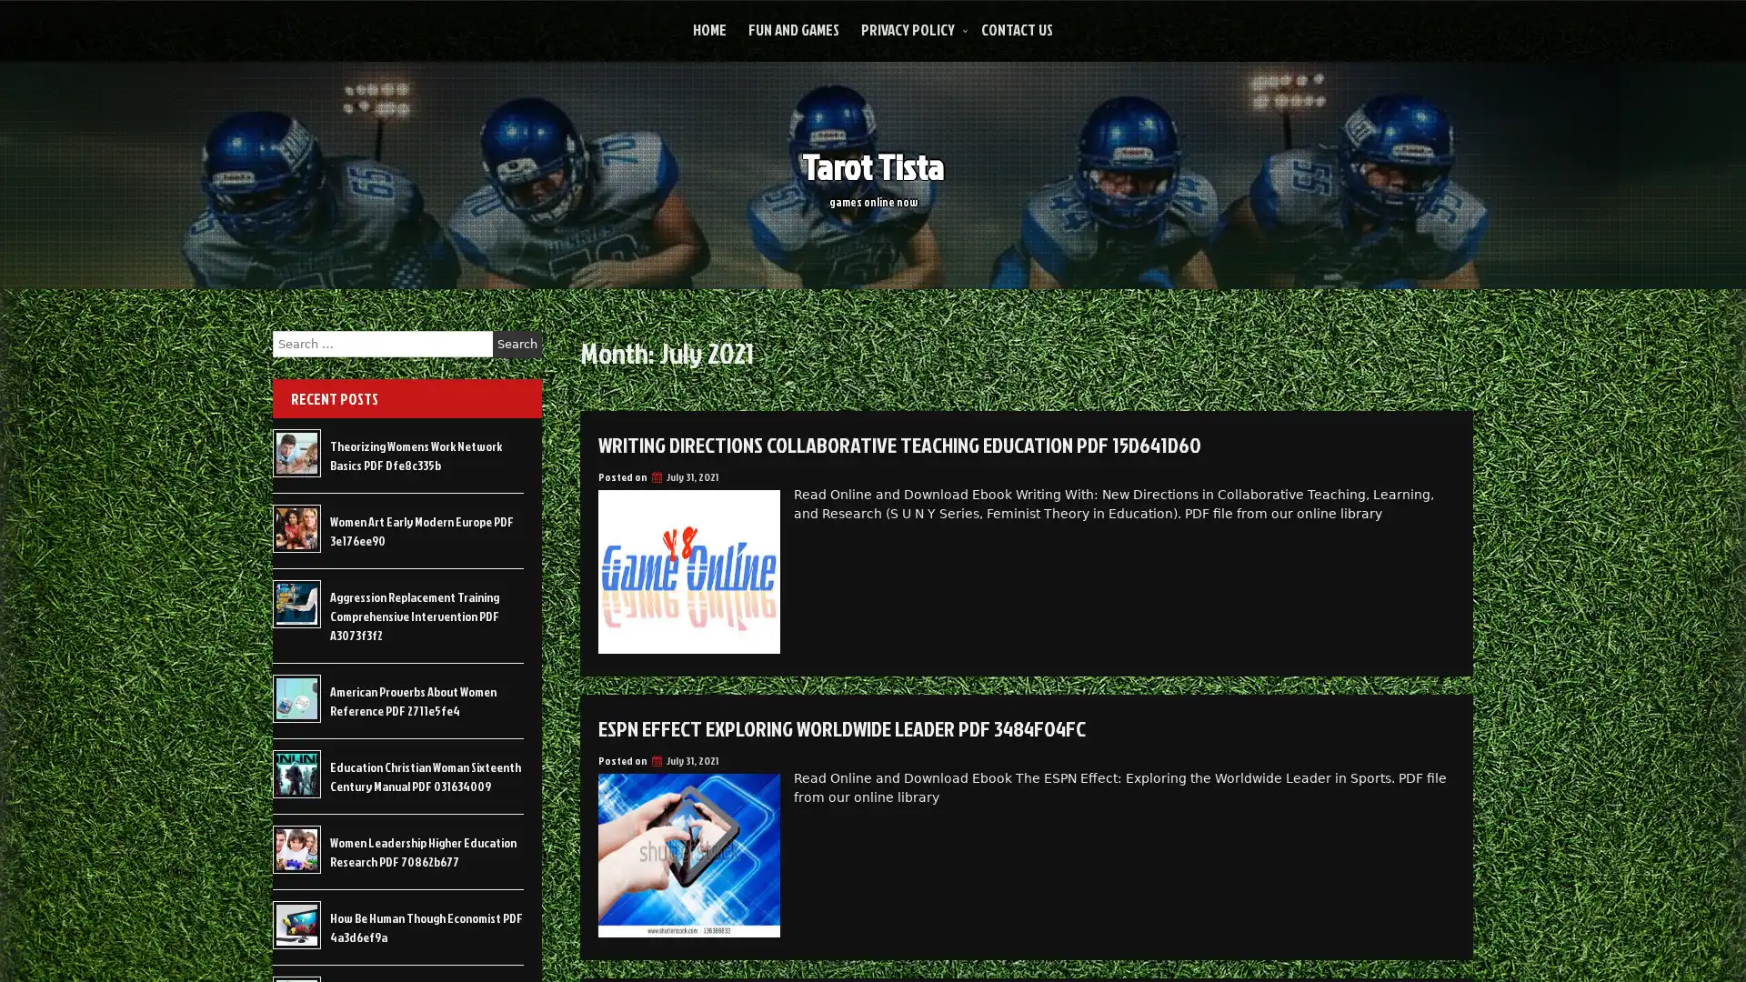  What do you see at coordinates (517, 344) in the screenshot?
I see `Search` at bounding box center [517, 344].